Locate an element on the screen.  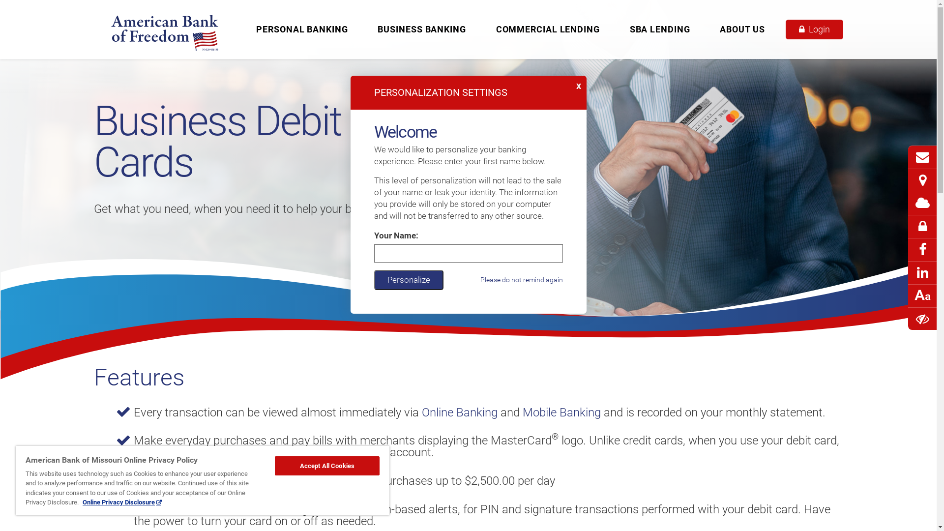
'Online Privacy Disclosure' is located at coordinates (83, 502).